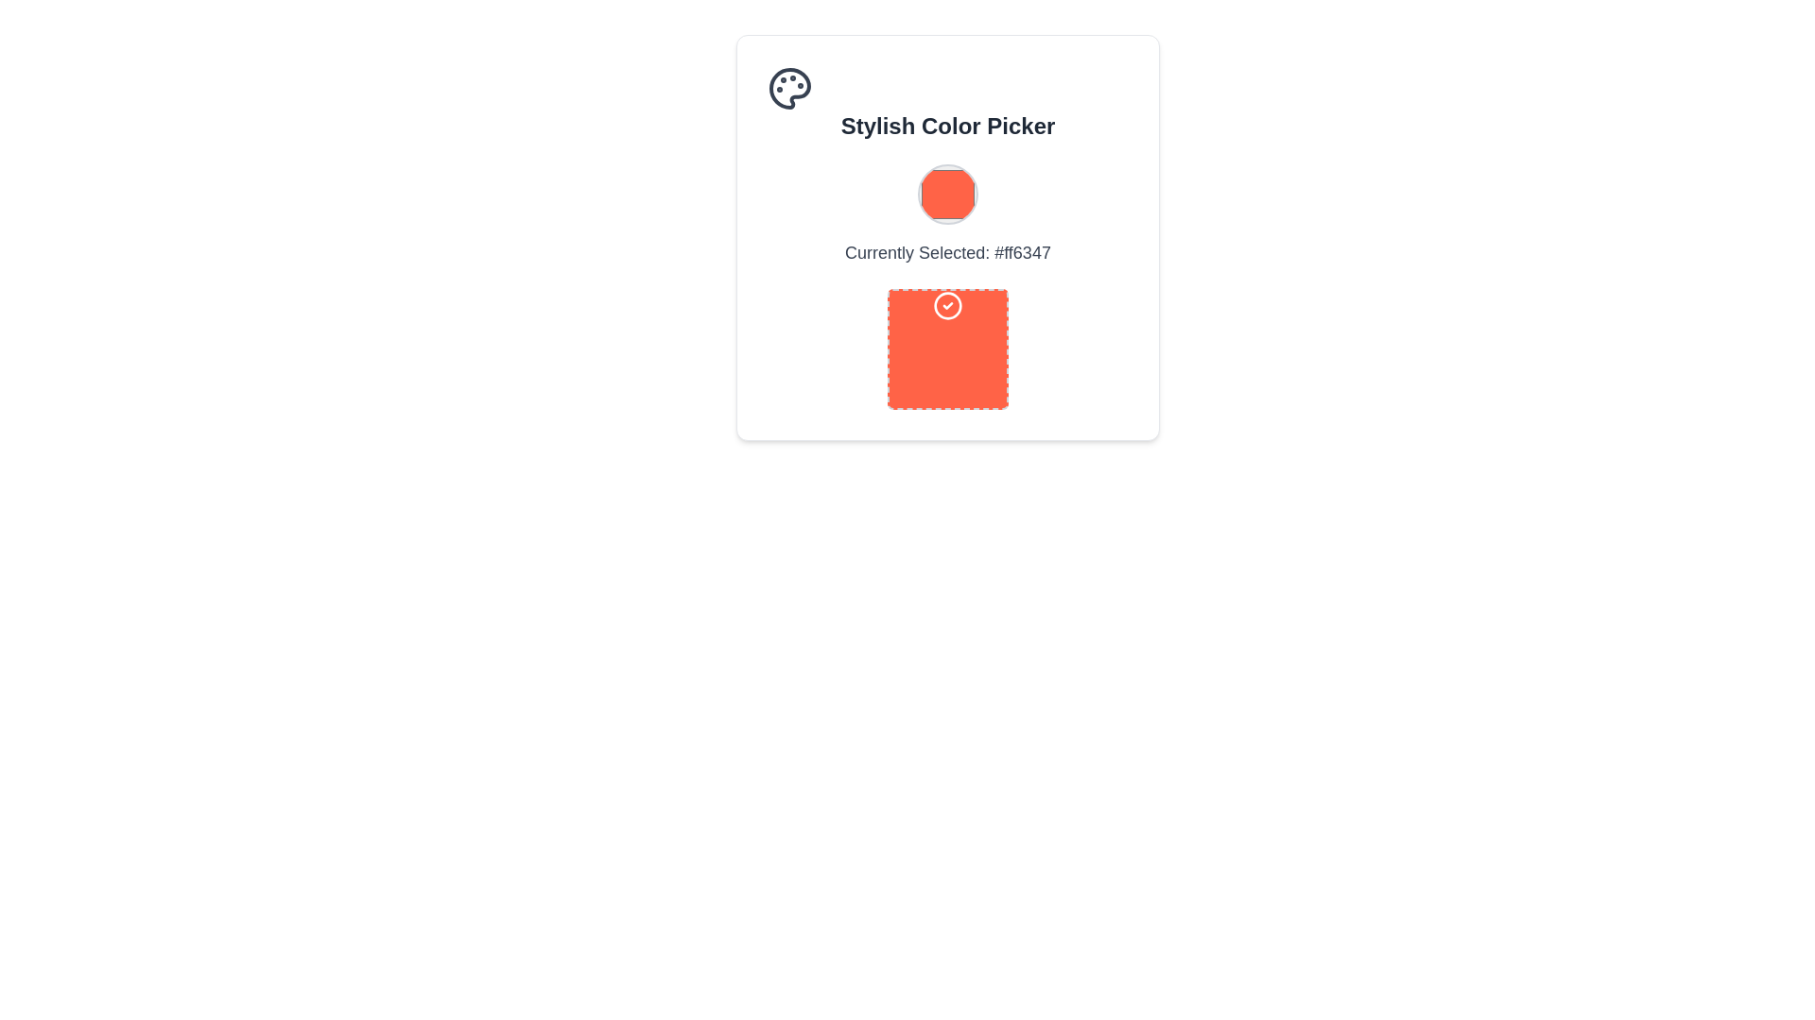 Image resolution: width=1815 pixels, height=1020 pixels. Describe the element at coordinates (948, 251) in the screenshot. I see `the Static Text Display that shows 'Currently Selected: #ff6347', which is styled in gray and located centrally beneath a circular color representation` at that location.